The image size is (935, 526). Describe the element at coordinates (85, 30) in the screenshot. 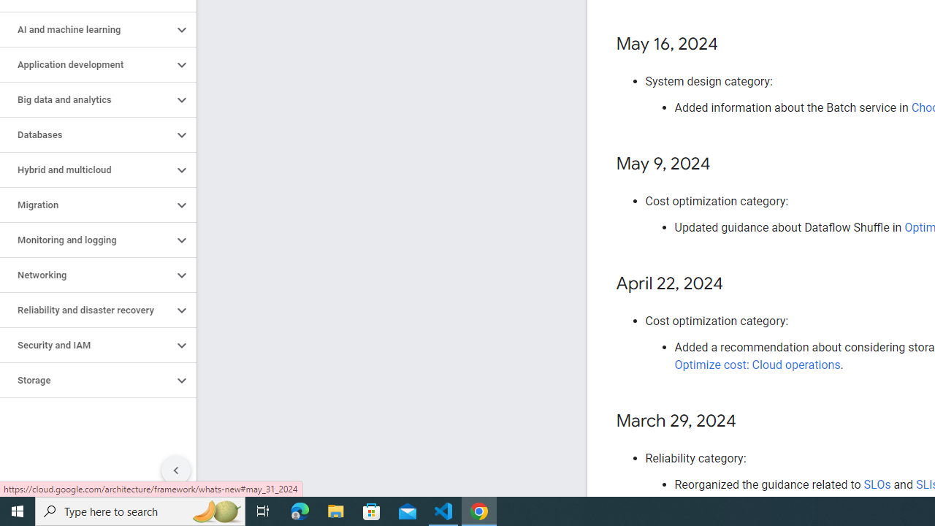

I see `'AI and machine learning'` at that location.